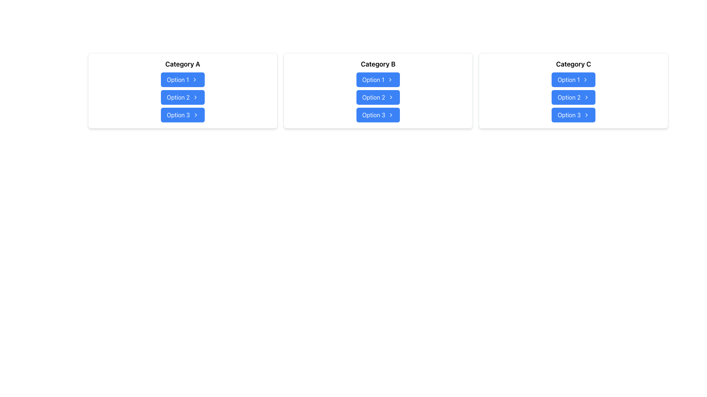 This screenshot has width=707, height=397. What do you see at coordinates (573, 97) in the screenshot?
I see `the second button labeled 'Option 2' in the vertical stack of buttons located under the title 'Category C'` at bounding box center [573, 97].